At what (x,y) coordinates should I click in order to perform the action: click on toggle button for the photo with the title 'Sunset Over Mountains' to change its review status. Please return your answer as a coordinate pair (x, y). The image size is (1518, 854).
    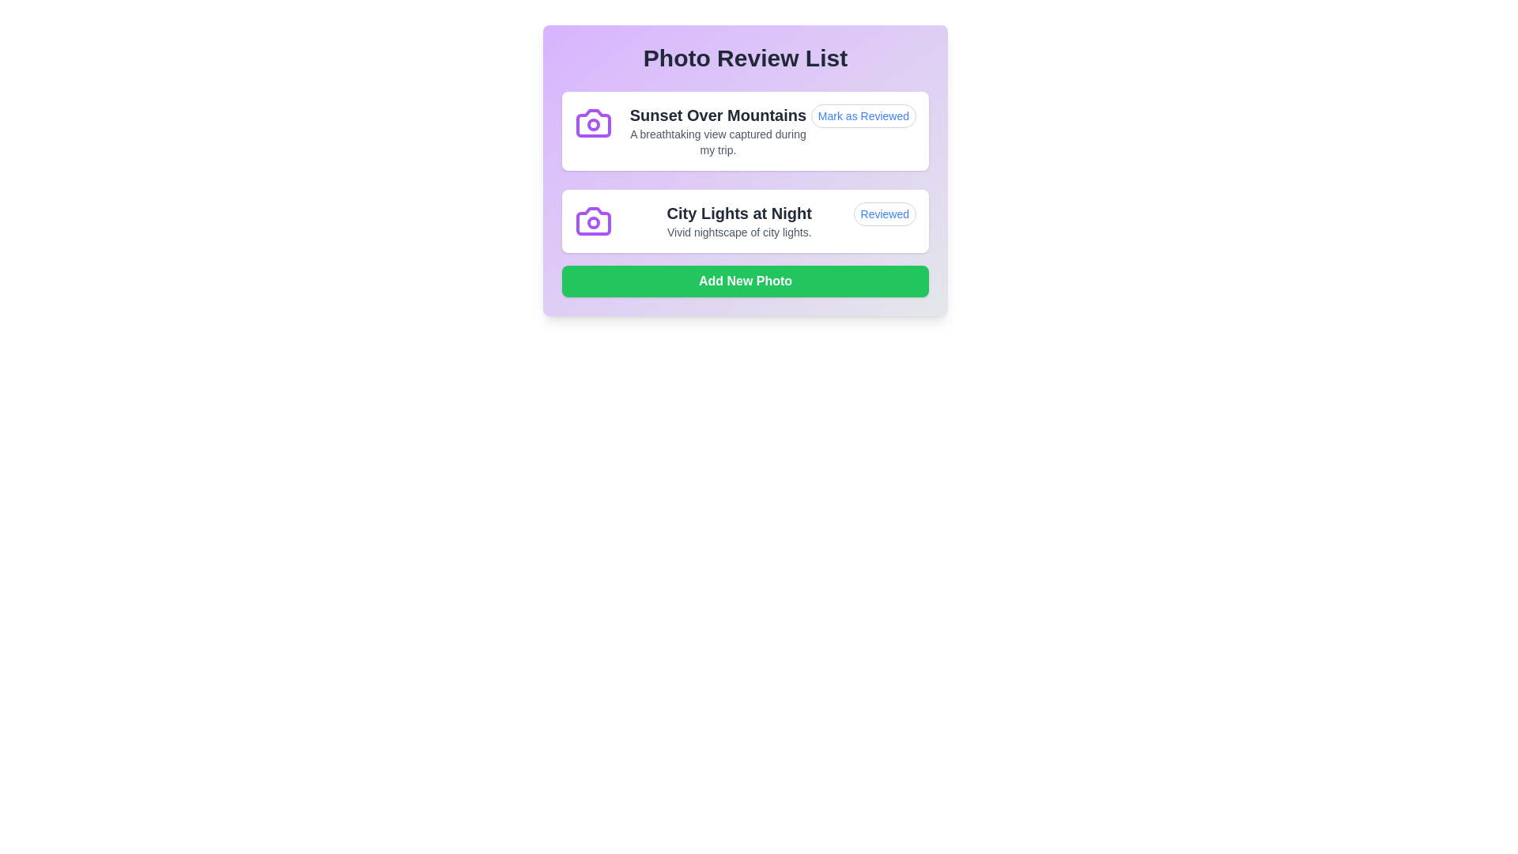
    Looking at the image, I should click on (863, 115).